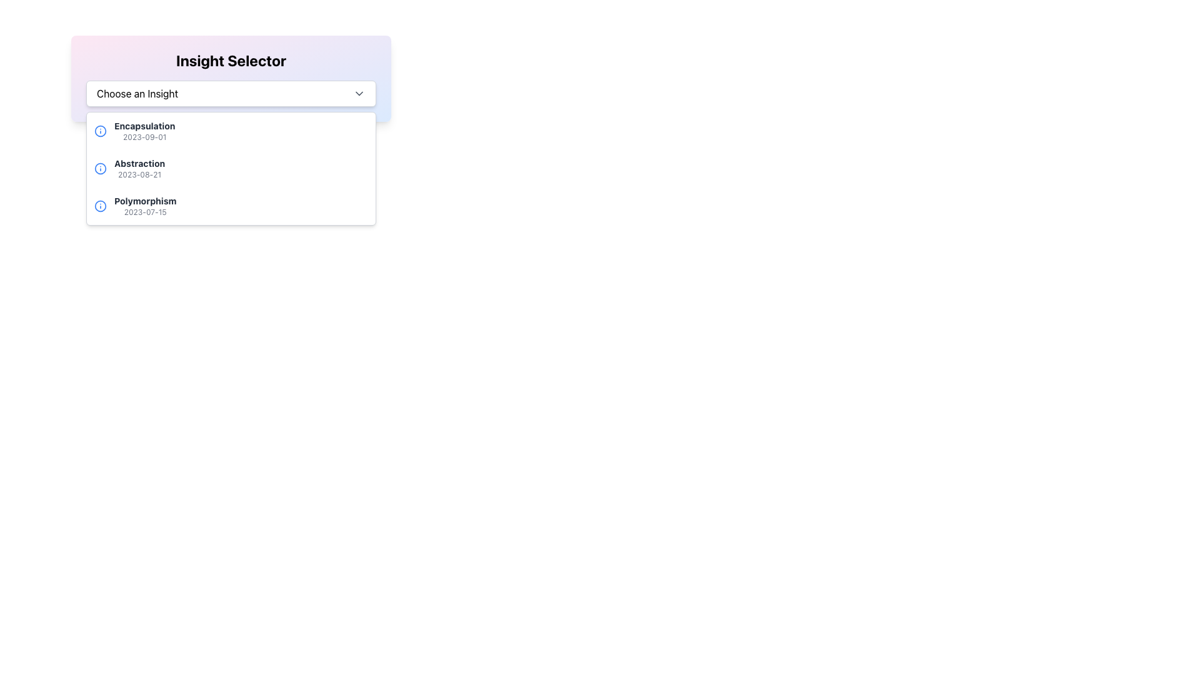 The width and height of the screenshot is (1200, 675). What do you see at coordinates (101, 169) in the screenshot?
I see `the informational/help icon located to the left of the 'Abstraction 2023-08-21' list item` at bounding box center [101, 169].